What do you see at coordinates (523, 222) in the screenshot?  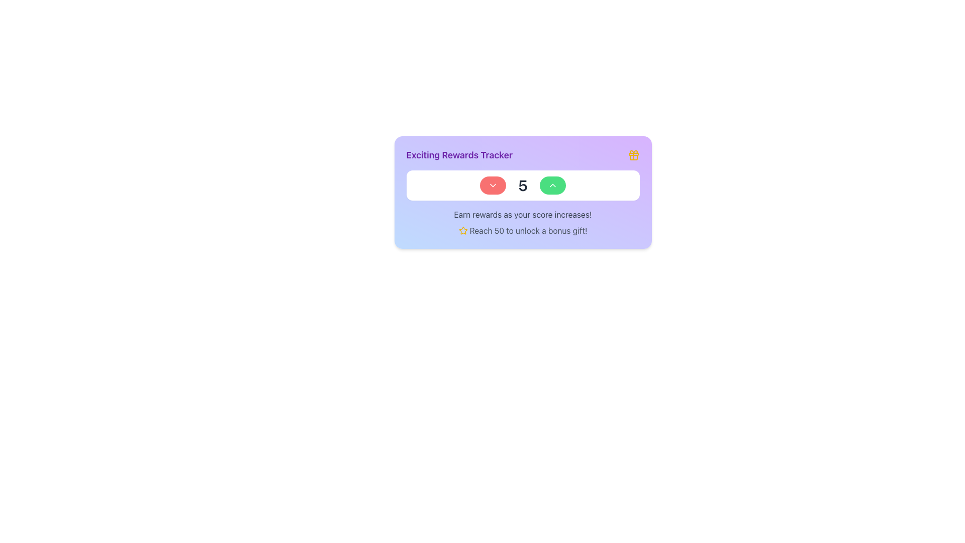 I see `the text section that displays 'Earn rewards as your score increases!' and 'Reach 50 to unlock a bonus gift!' within the card interface` at bounding box center [523, 222].